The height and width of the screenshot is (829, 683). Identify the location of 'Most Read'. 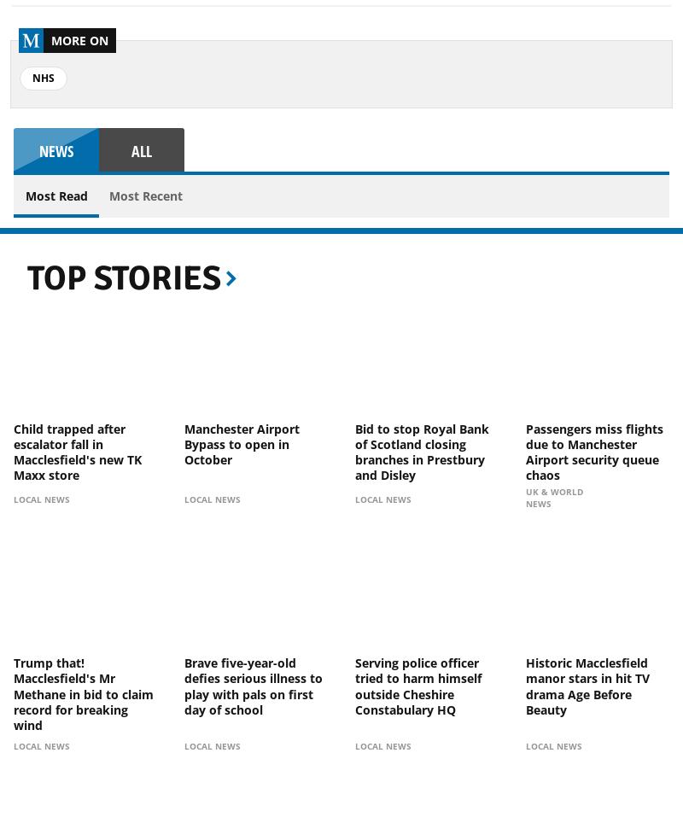
(55, 195).